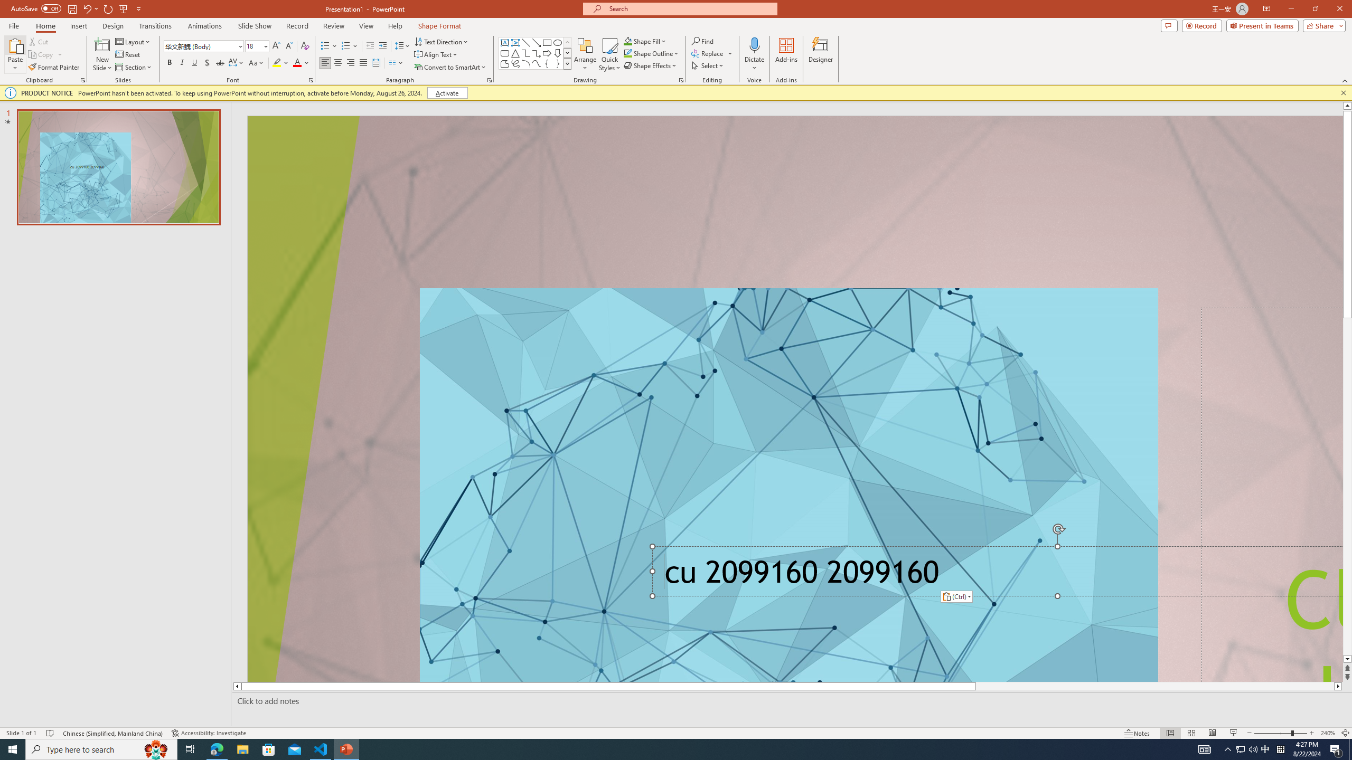  Describe the element at coordinates (994, 575) in the screenshot. I see `'TextBox 61'` at that location.